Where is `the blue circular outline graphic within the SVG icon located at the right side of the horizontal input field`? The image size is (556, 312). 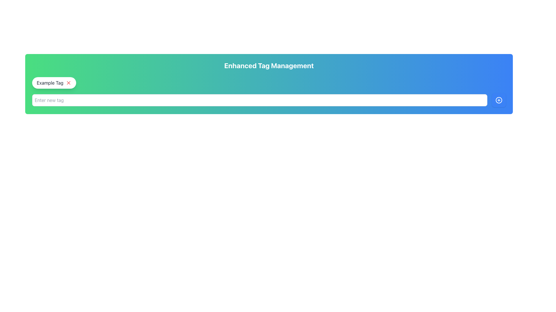 the blue circular outline graphic within the SVG icon located at the right side of the horizontal input field is located at coordinates (499, 100).